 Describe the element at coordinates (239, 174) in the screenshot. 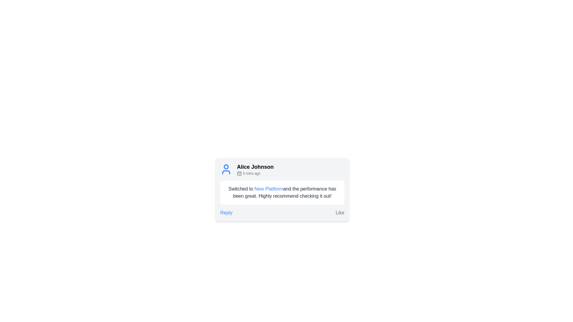

I see `the rectangular SVG graphic element located to the left of the username 'Alice Johnson' in a user comment card` at that location.